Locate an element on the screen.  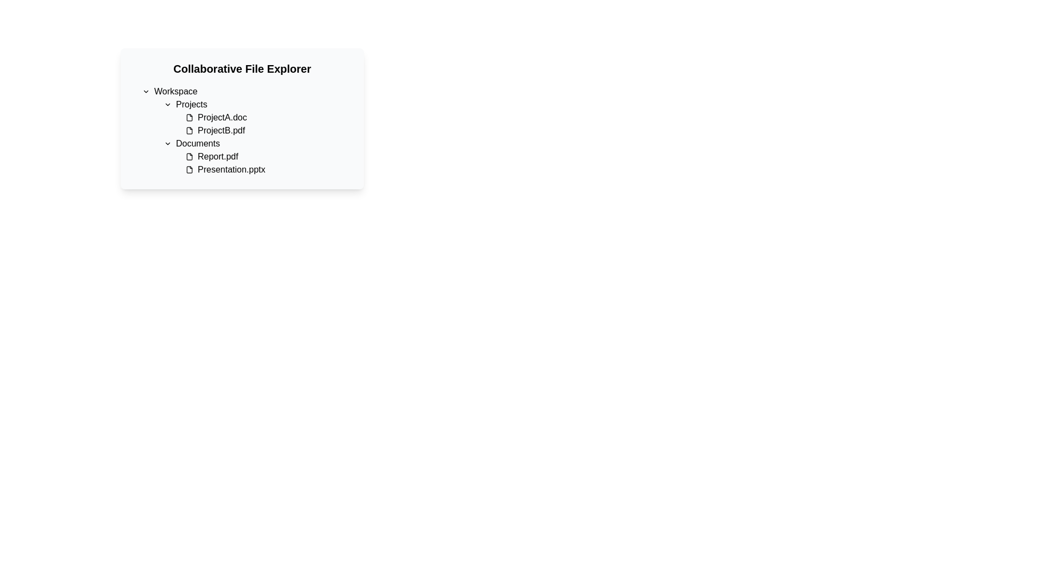
the file item named 'ProjectB.pdf', which is the second item under the 'Projects' section is located at coordinates (268, 130).